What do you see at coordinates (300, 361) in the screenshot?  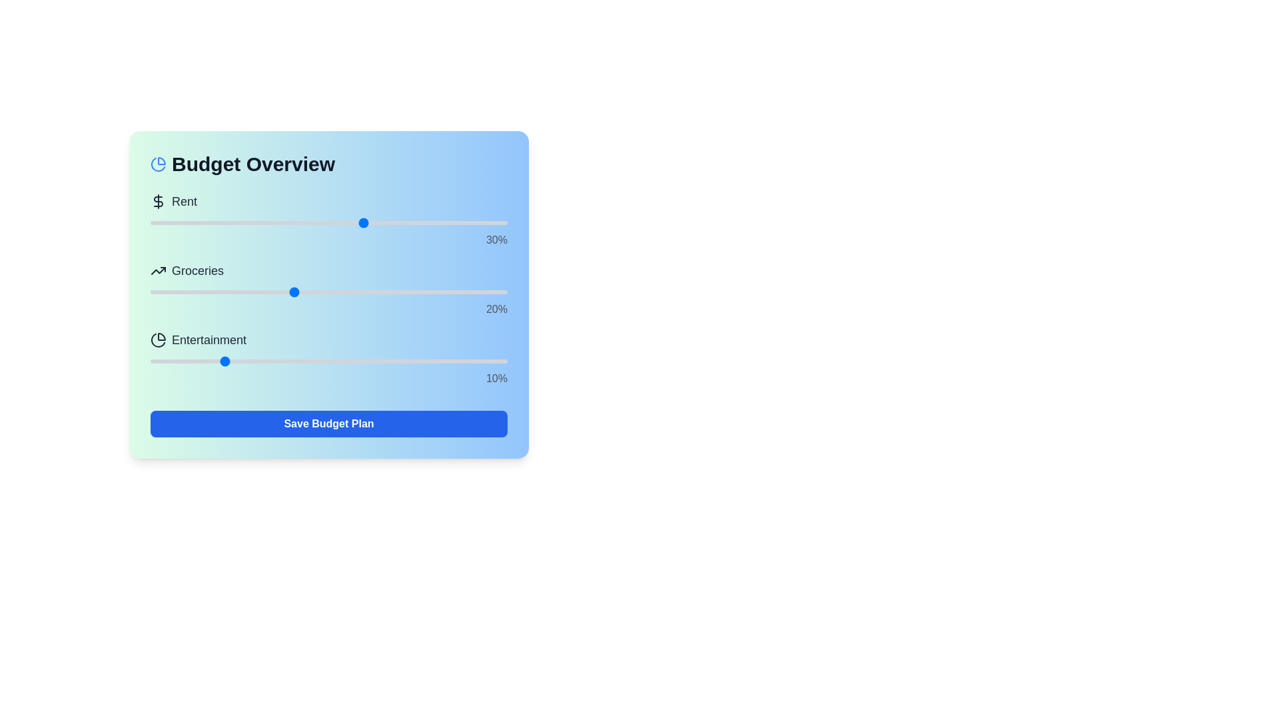 I see `the slider` at bounding box center [300, 361].